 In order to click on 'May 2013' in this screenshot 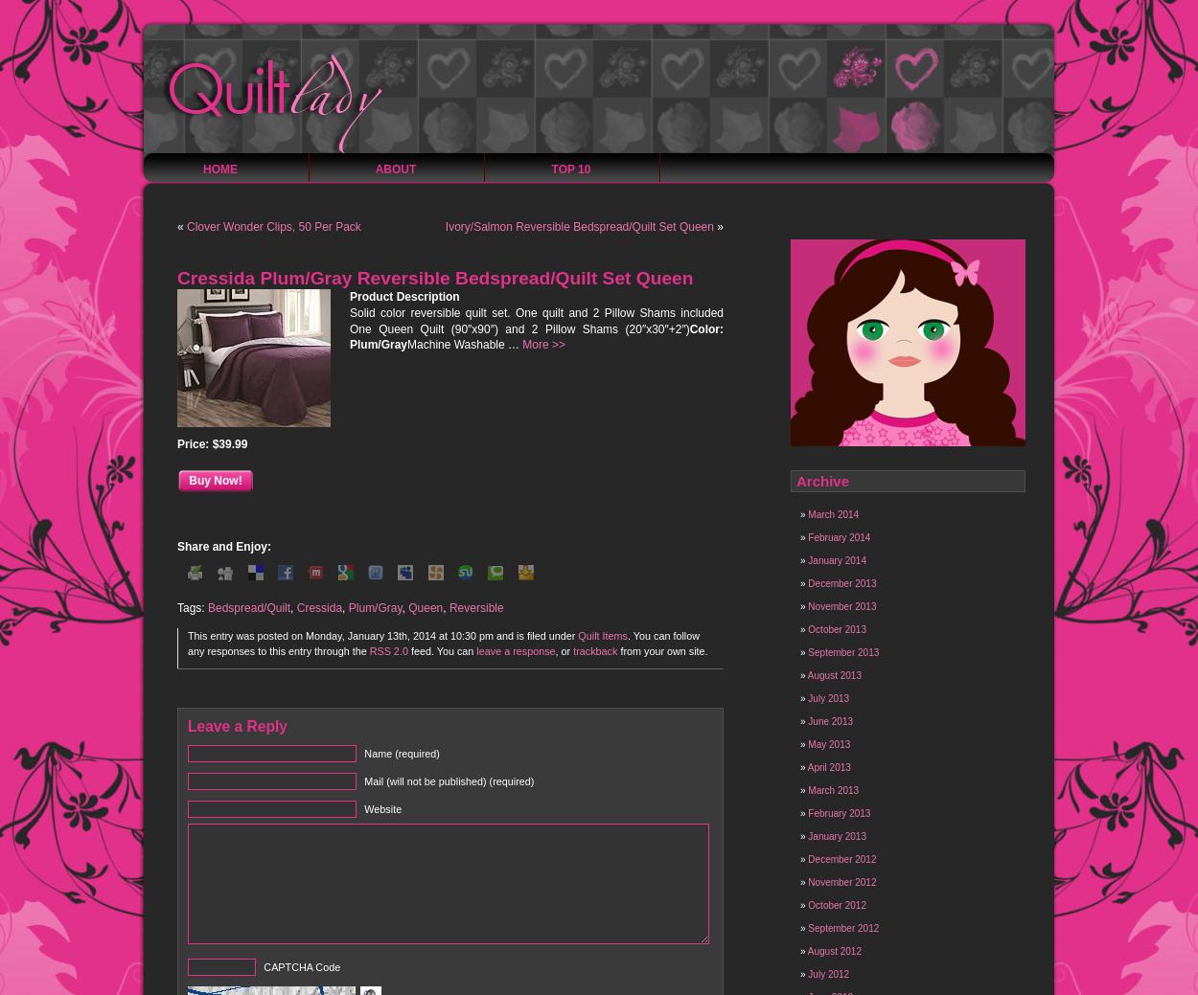, I will do `click(827, 743)`.